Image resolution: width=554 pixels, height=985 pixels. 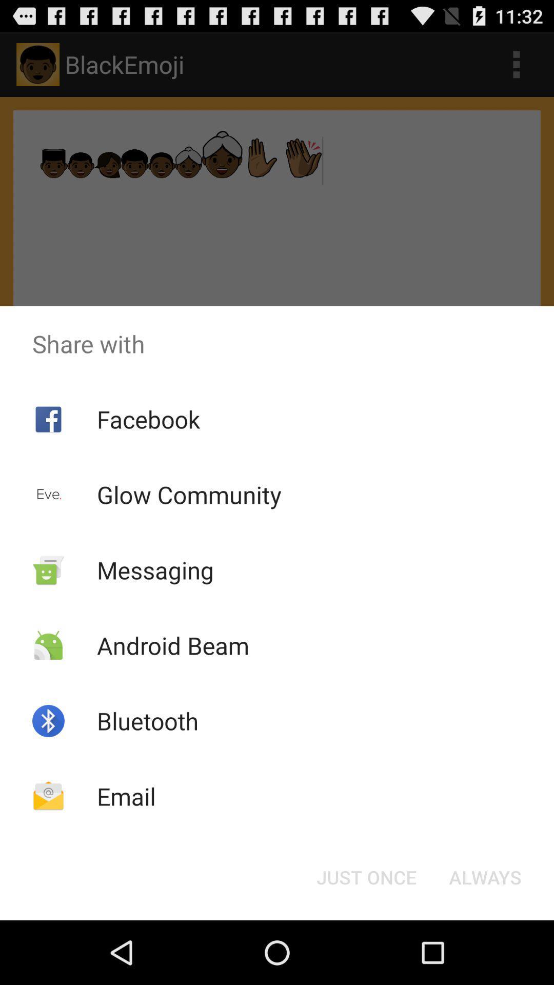 What do you see at coordinates (366, 876) in the screenshot?
I see `the item to the left of always` at bounding box center [366, 876].